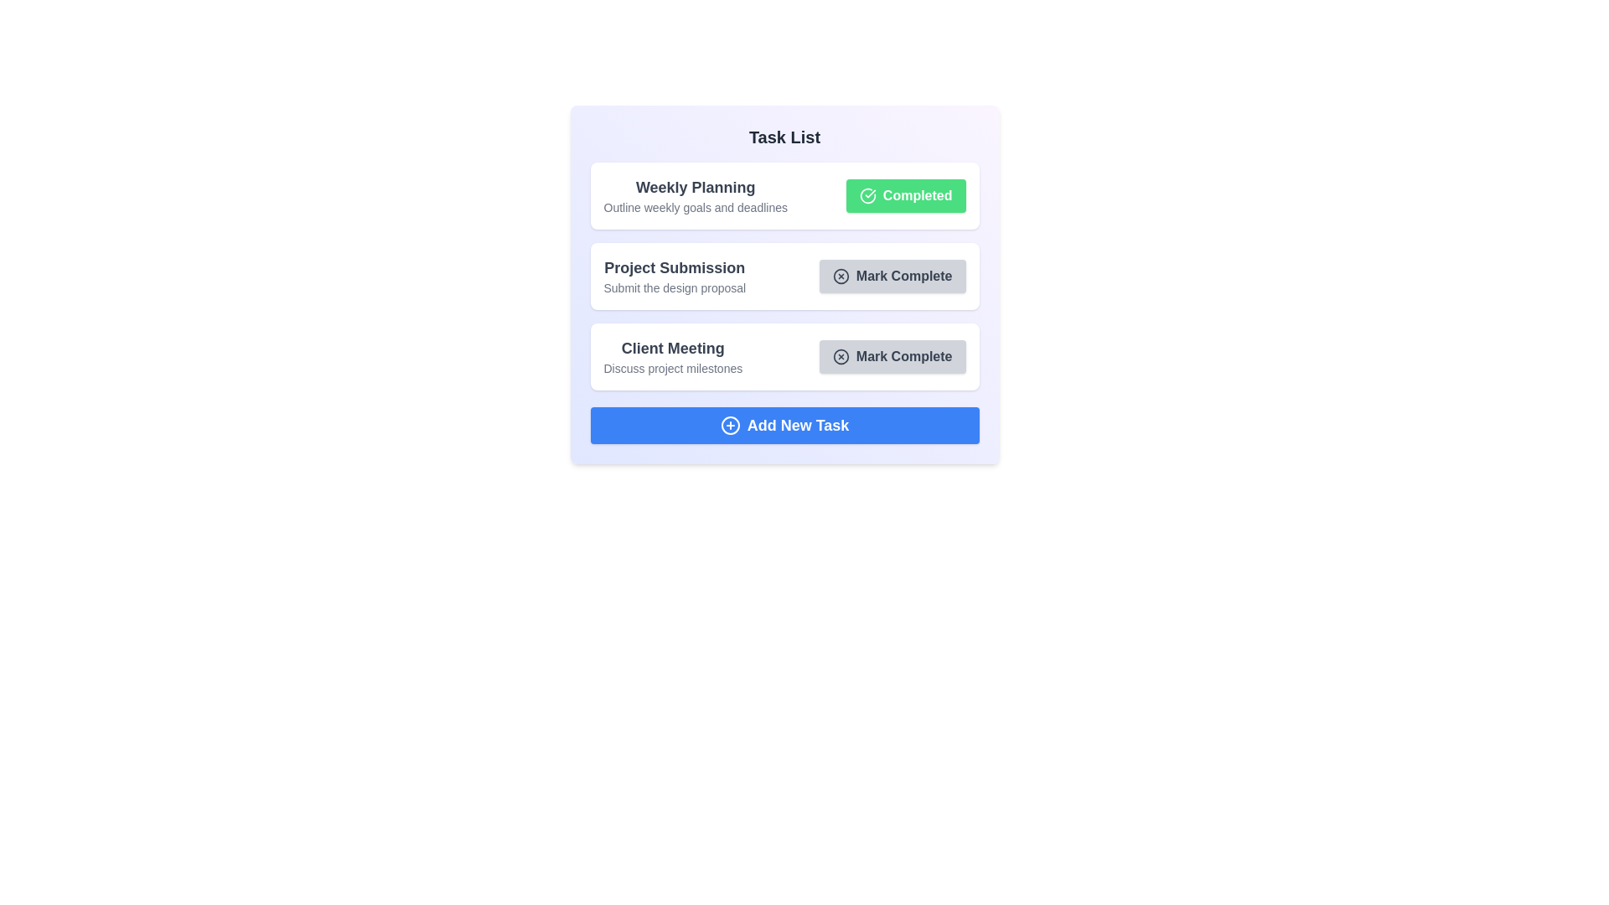 The width and height of the screenshot is (1609, 905). What do you see at coordinates (904, 195) in the screenshot?
I see `the 'Completed' button of the first task to toggle its completion status` at bounding box center [904, 195].